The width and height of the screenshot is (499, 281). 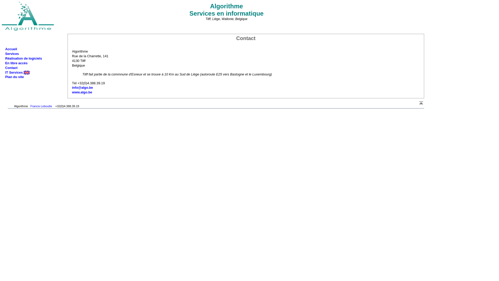 What do you see at coordinates (82, 92) in the screenshot?
I see `'www.algo.be'` at bounding box center [82, 92].